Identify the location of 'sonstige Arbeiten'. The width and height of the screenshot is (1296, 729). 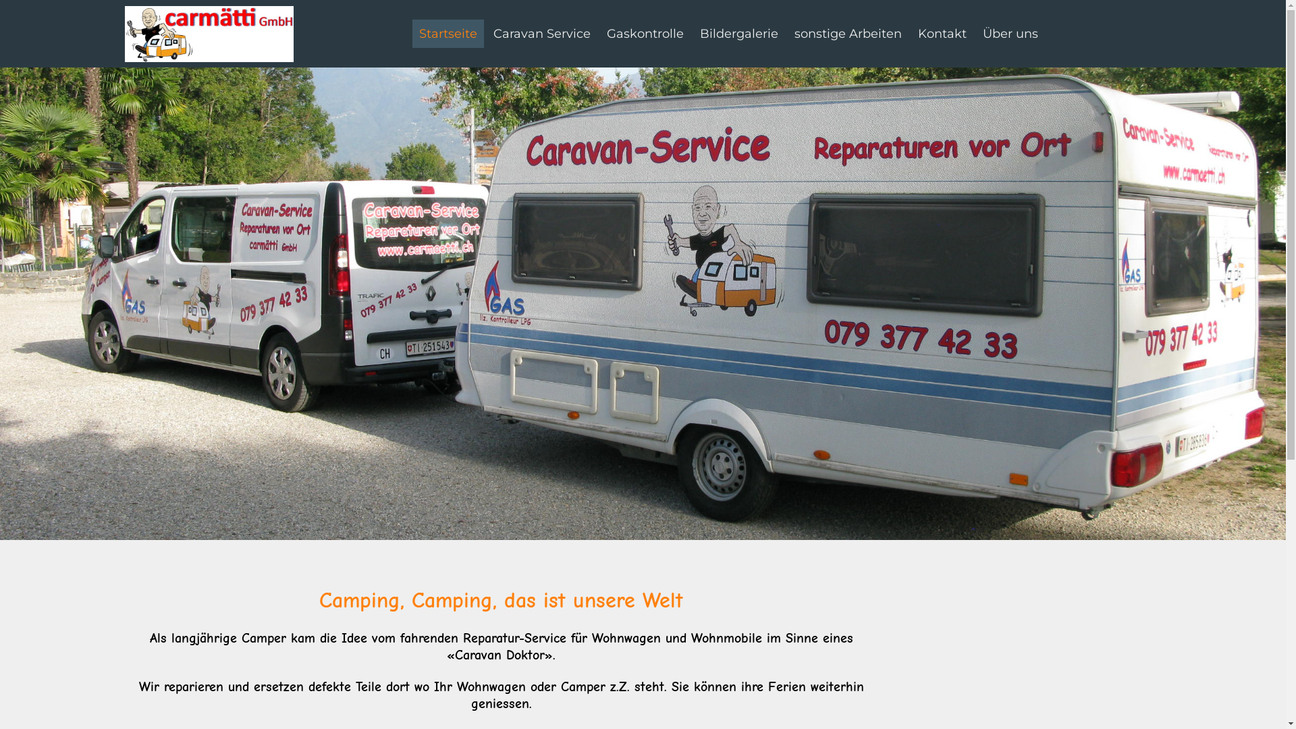
(847, 33).